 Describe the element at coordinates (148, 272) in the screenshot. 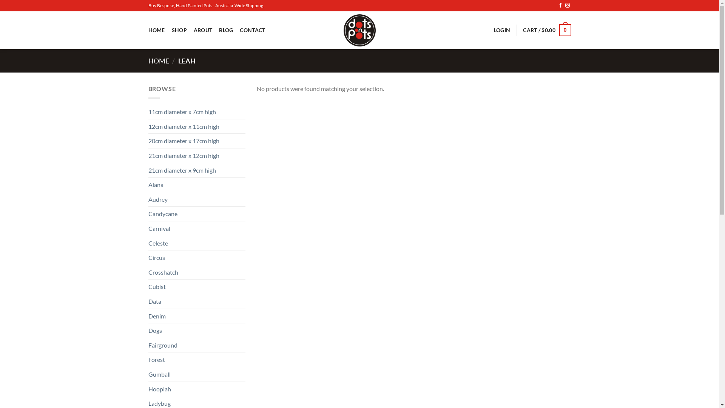

I see `'Crosshatch'` at that location.